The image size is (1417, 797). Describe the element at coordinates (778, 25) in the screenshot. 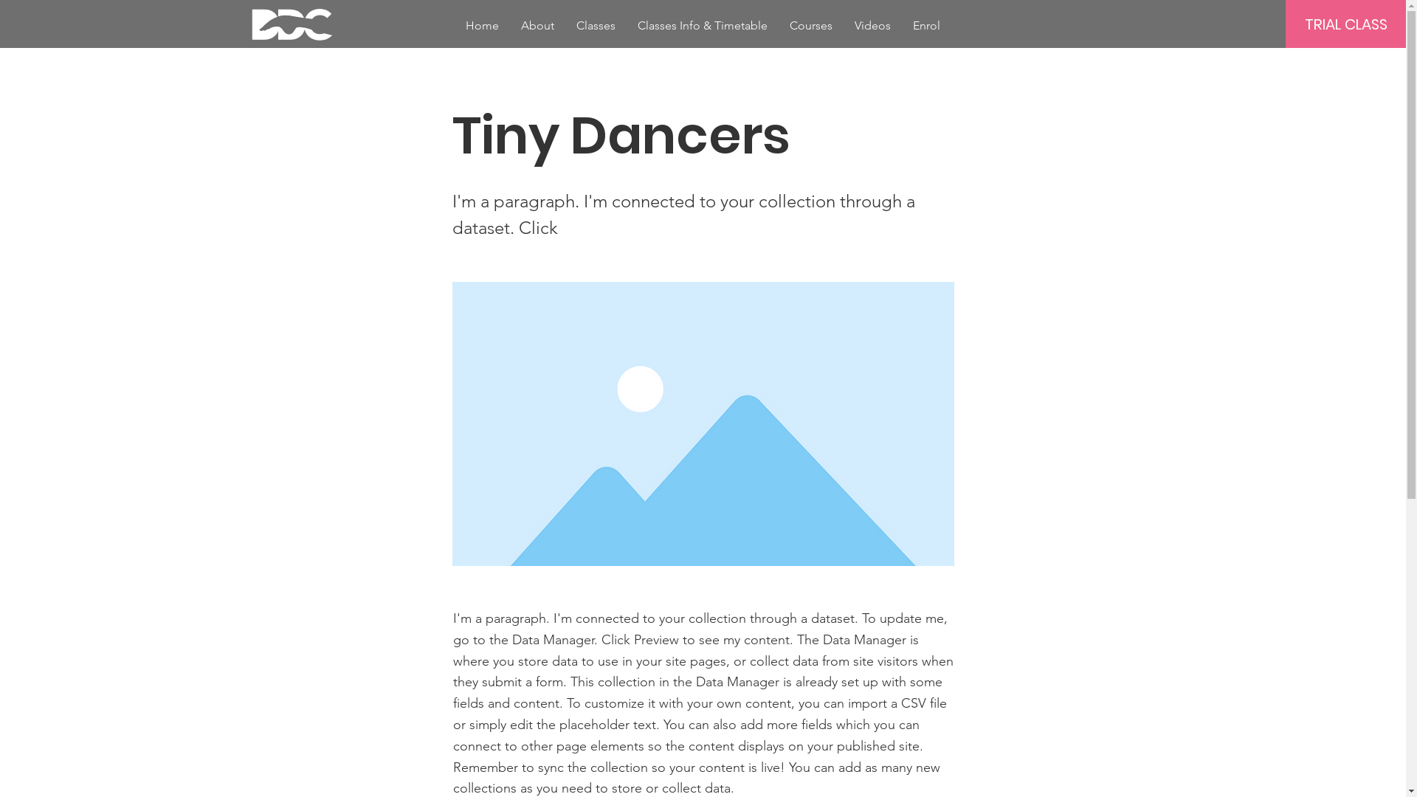

I see `'Courses'` at that location.